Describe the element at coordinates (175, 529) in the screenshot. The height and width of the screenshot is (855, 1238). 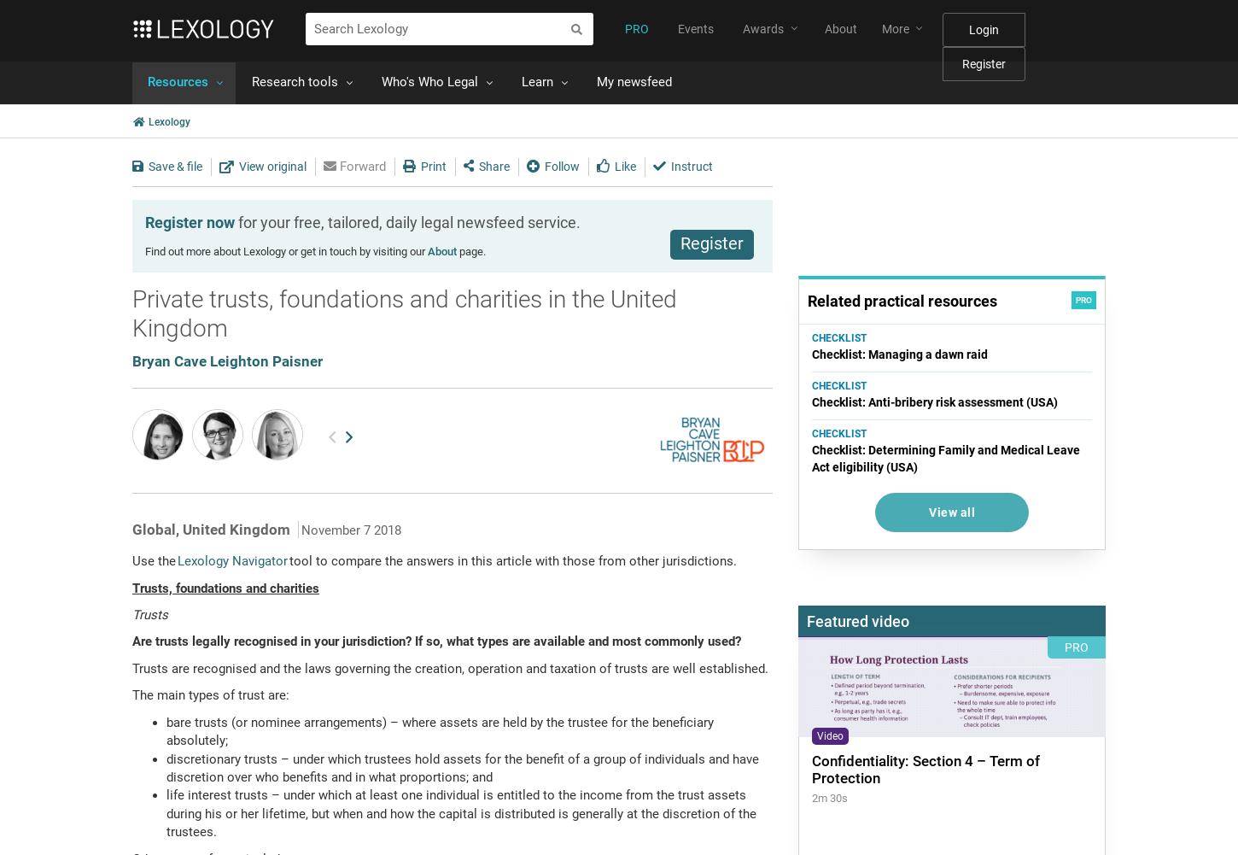
I see `','` at that location.